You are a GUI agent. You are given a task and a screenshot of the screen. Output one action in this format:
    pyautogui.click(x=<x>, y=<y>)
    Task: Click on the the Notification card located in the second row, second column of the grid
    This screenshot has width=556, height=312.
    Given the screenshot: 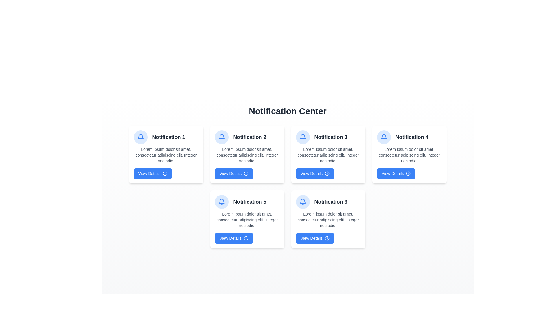 What is the action you would take?
    pyautogui.click(x=328, y=219)
    